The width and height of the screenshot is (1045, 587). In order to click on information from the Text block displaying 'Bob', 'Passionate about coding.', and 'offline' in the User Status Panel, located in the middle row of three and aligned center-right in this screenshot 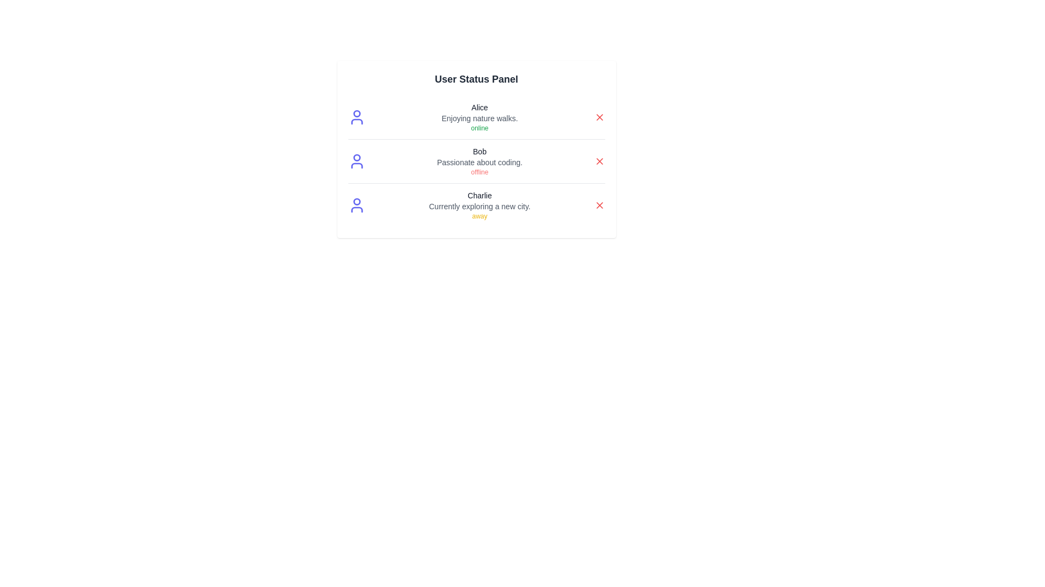, I will do `click(479, 161)`.